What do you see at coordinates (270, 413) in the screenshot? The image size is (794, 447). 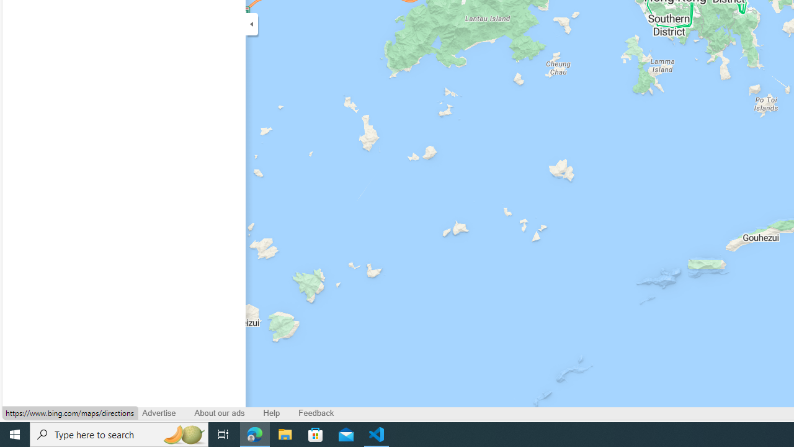 I see `'Help'` at bounding box center [270, 413].